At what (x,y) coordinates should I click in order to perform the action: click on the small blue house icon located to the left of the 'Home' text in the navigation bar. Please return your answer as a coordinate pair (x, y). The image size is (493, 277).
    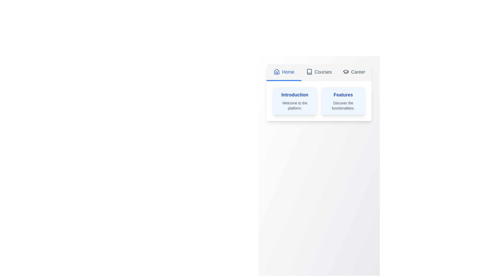
    Looking at the image, I should click on (277, 72).